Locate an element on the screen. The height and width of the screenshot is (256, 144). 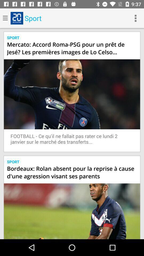
the button which is right to menu button is located at coordinates (17, 18).